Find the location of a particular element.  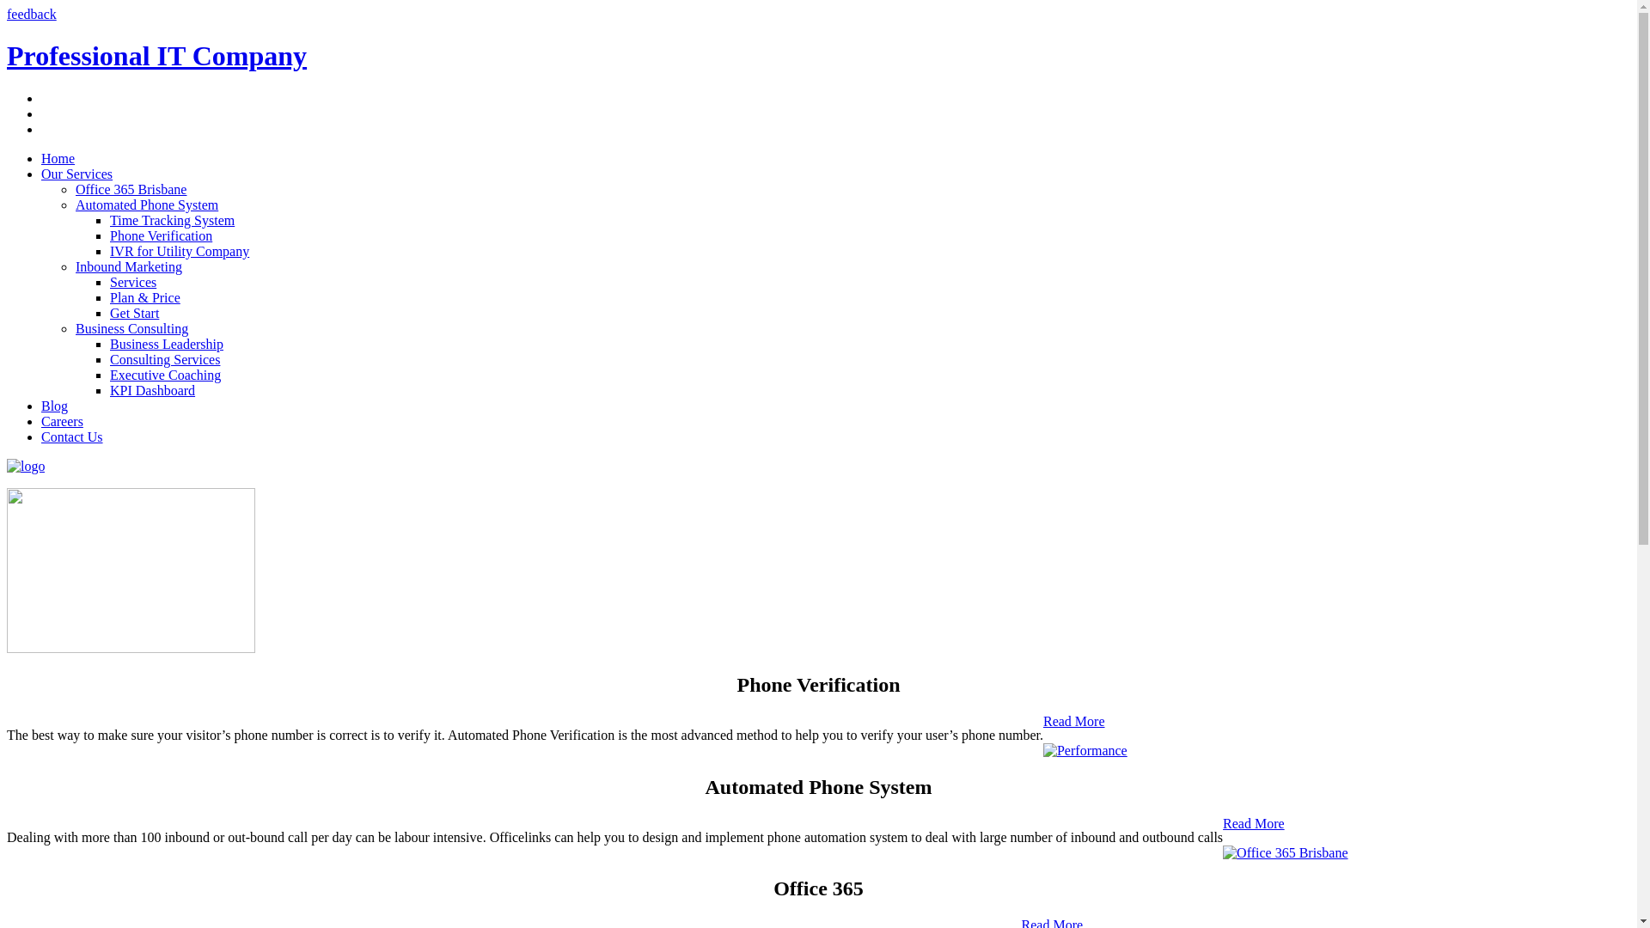

'Professional IT Company' is located at coordinates (156, 55).